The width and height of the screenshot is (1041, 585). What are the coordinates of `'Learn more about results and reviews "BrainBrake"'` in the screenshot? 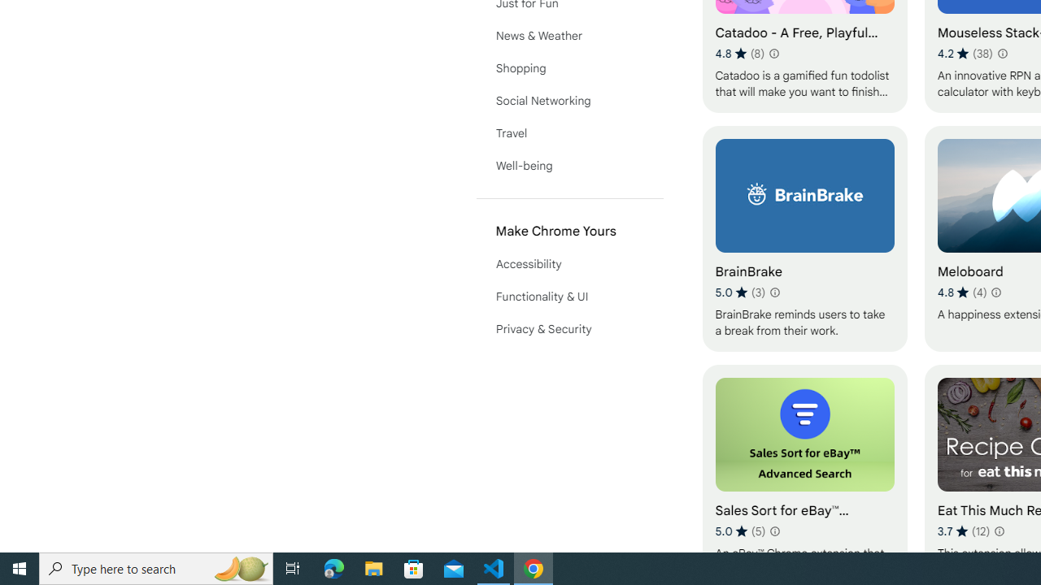 It's located at (773, 292).